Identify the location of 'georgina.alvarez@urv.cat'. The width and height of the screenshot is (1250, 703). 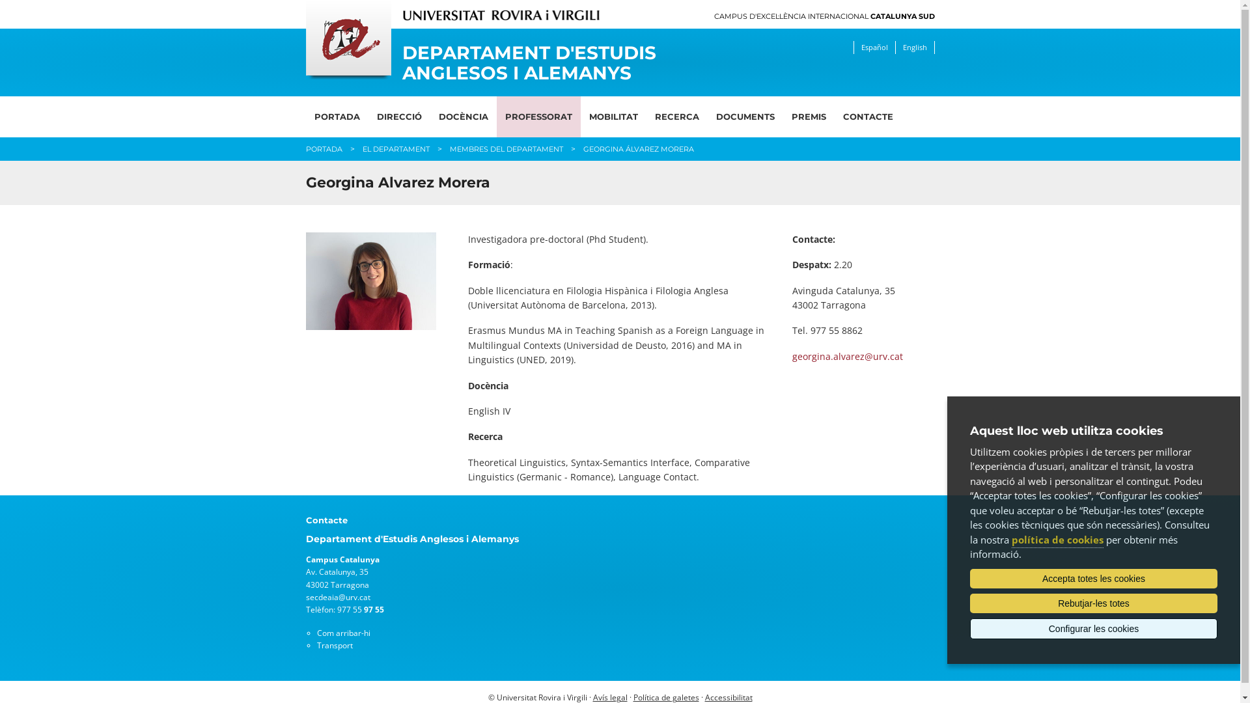
(846, 356).